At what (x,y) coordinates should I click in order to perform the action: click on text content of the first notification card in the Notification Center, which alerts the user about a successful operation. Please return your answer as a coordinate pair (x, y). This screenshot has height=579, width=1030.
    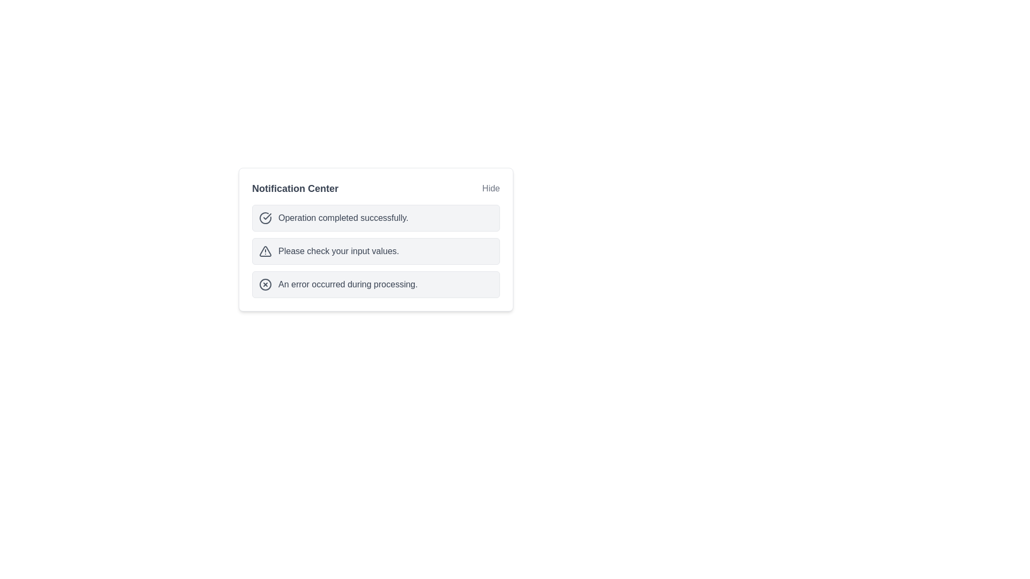
    Looking at the image, I should click on (376, 218).